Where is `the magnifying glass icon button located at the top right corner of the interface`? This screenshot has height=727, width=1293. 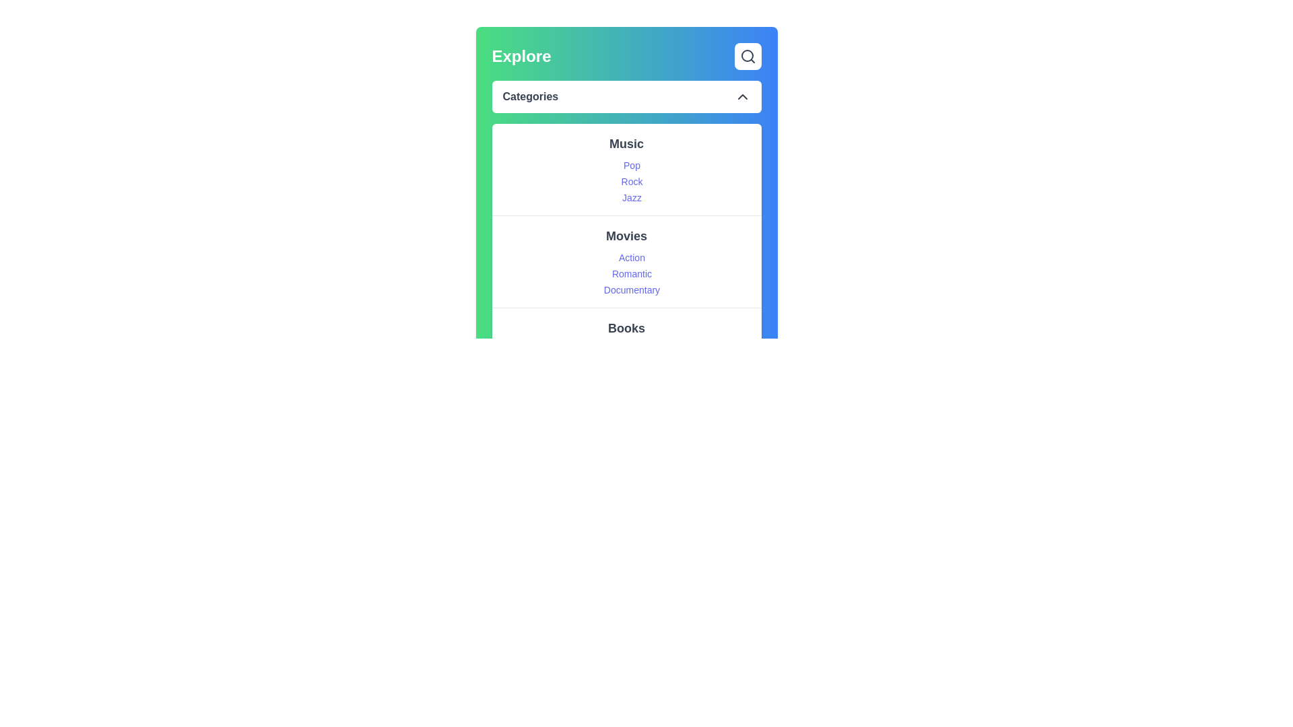
the magnifying glass icon button located at the top right corner of the interface is located at coordinates (747, 56).